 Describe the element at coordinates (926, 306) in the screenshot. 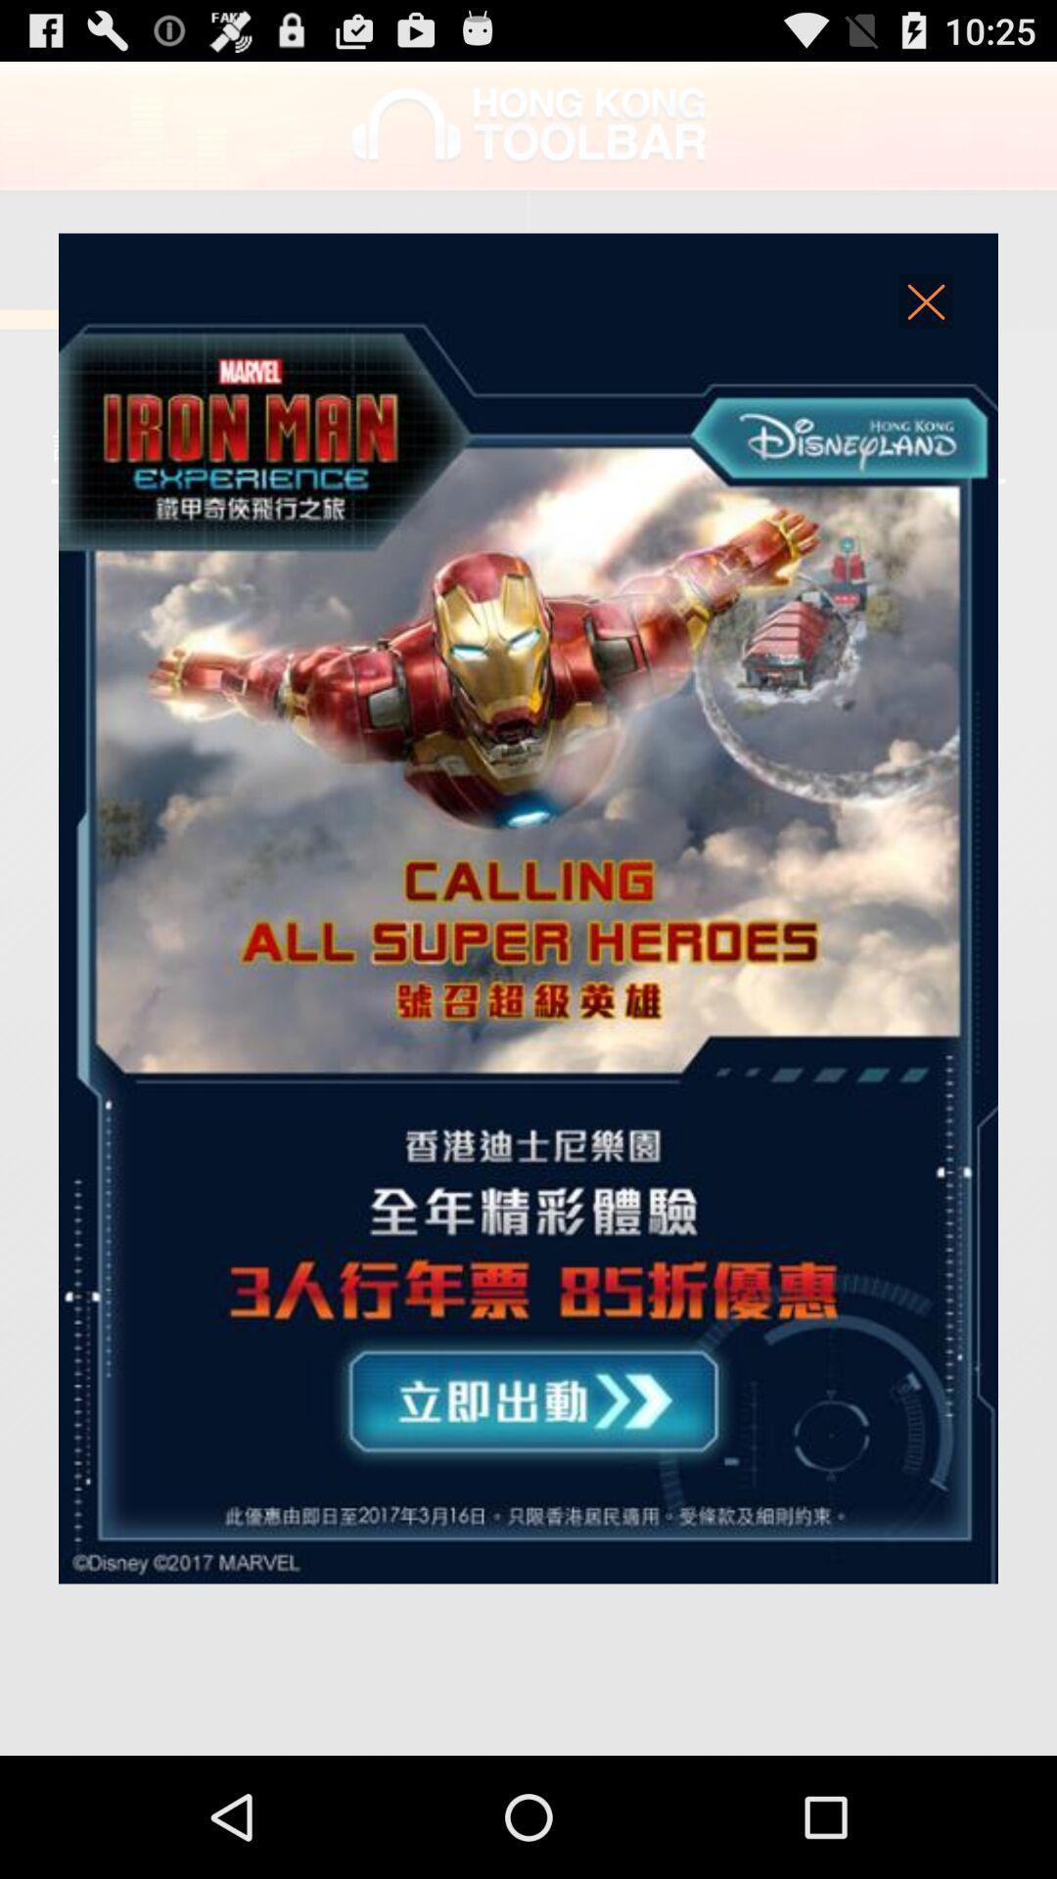

I see `the window in question` at that location.